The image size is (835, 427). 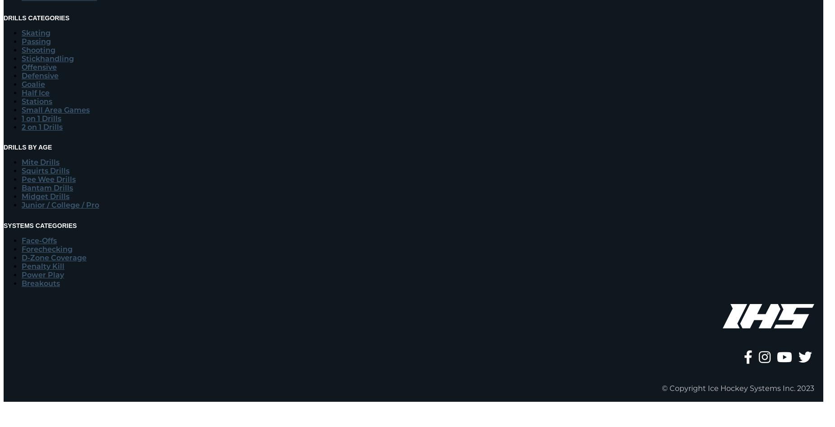 I want to click on 'Goalie', so click(x=33, y=83).